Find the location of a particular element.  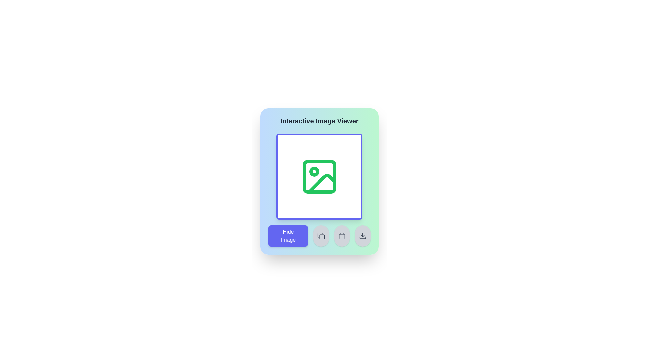

the trash button to delete the displayed image is located at coordinates (342, 236).